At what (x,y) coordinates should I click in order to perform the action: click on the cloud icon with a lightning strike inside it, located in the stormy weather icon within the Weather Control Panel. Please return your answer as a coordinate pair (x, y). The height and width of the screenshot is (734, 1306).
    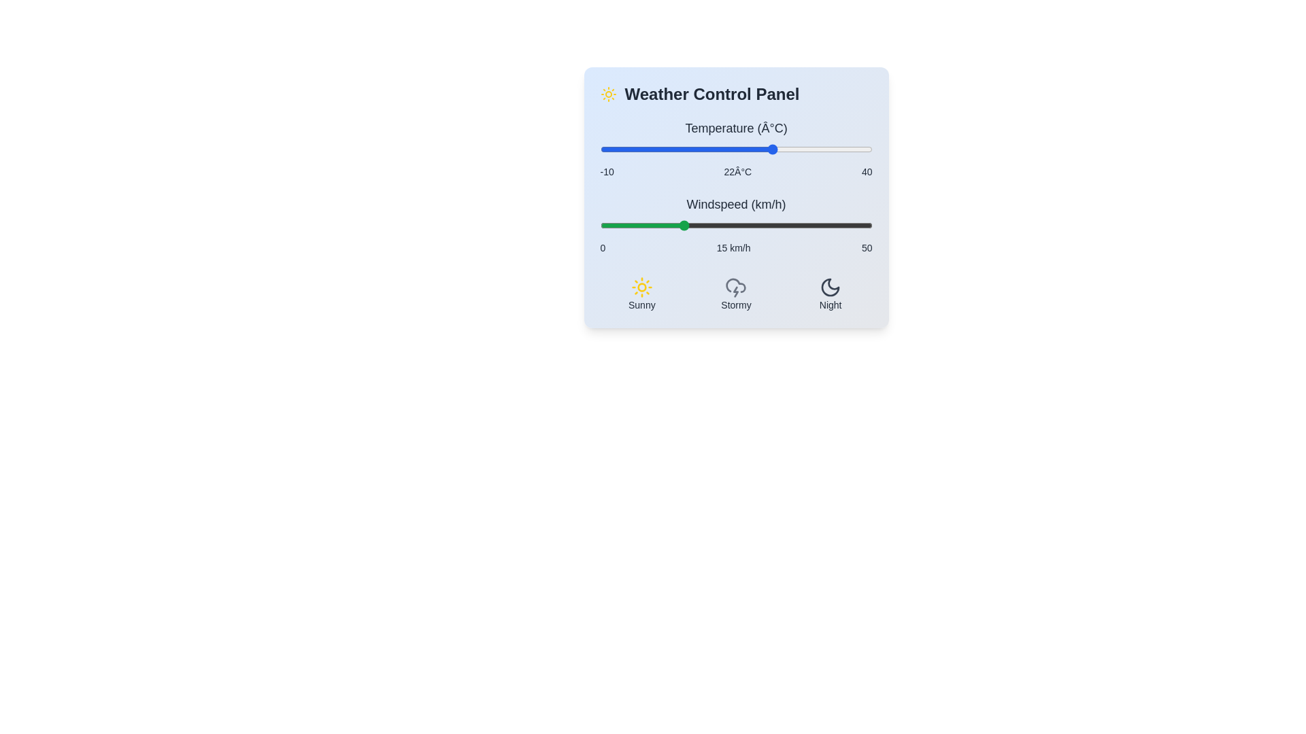
    Looking at the image, I should click on (735, 285).